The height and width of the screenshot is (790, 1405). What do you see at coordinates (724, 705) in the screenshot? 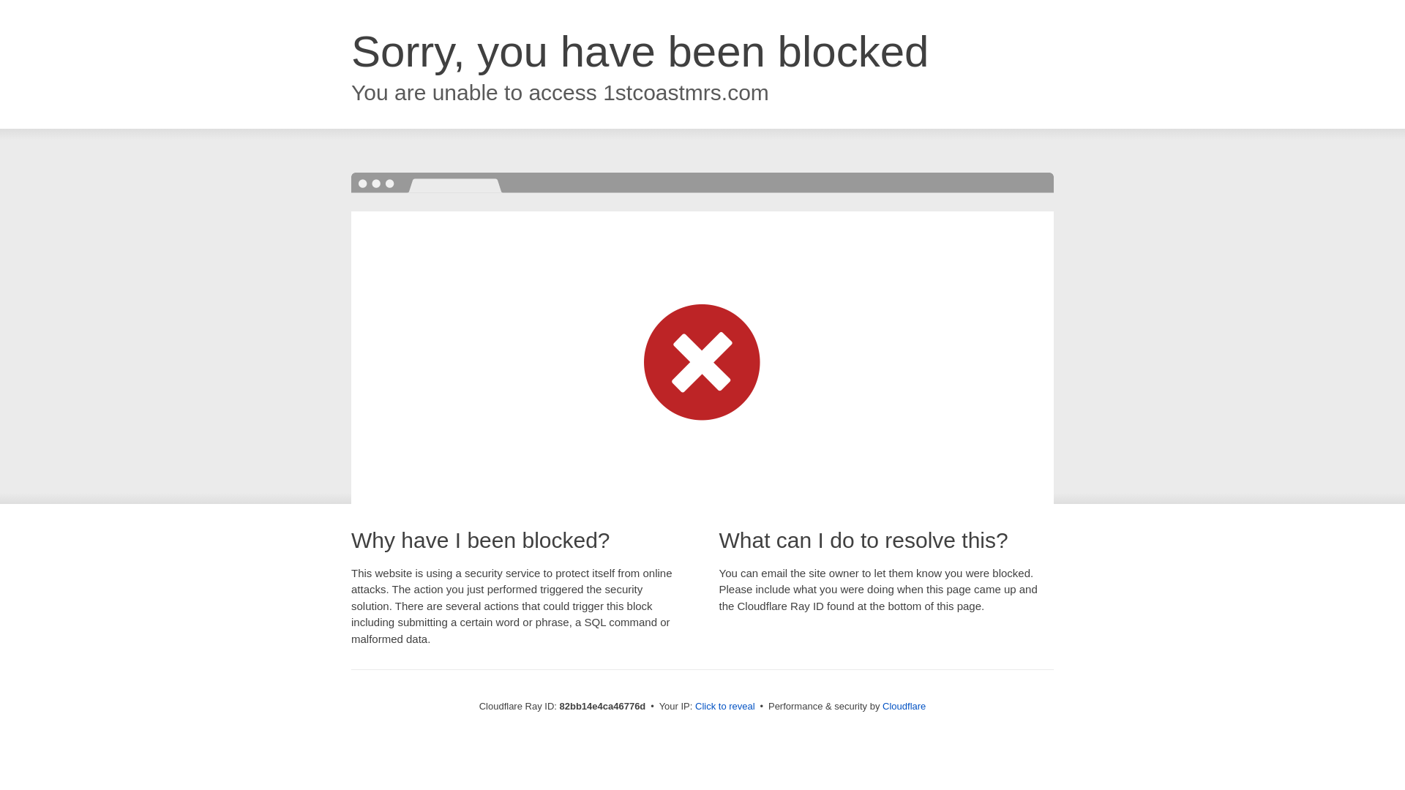
I see `'Click to reveal'` at bounding box center [724, 705].